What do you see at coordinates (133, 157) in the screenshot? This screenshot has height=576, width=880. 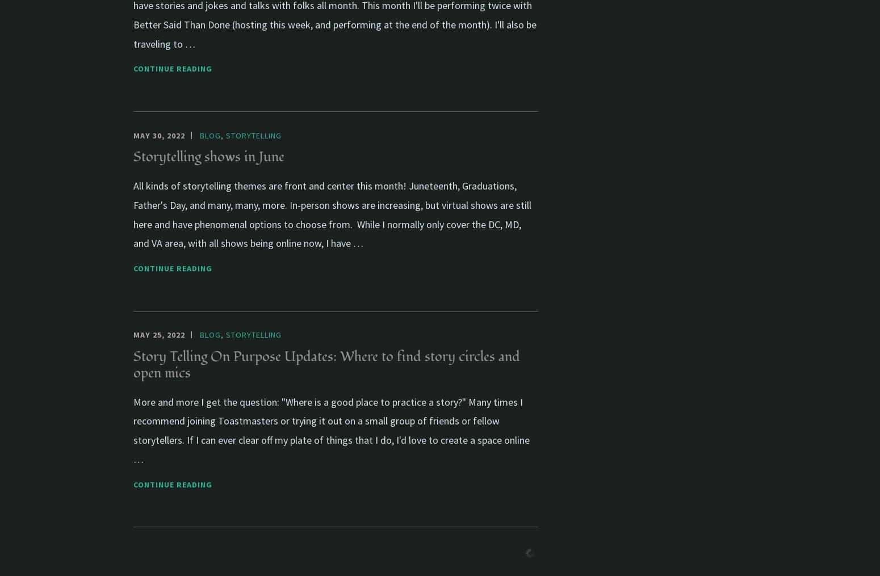 I see `'Storytelling shows in June'` at bounding box center [133, 157].